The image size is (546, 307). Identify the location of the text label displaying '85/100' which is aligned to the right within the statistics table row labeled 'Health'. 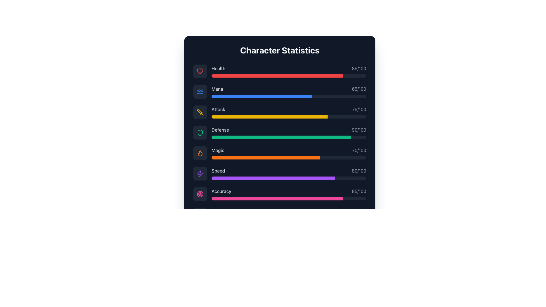
(359, 68).